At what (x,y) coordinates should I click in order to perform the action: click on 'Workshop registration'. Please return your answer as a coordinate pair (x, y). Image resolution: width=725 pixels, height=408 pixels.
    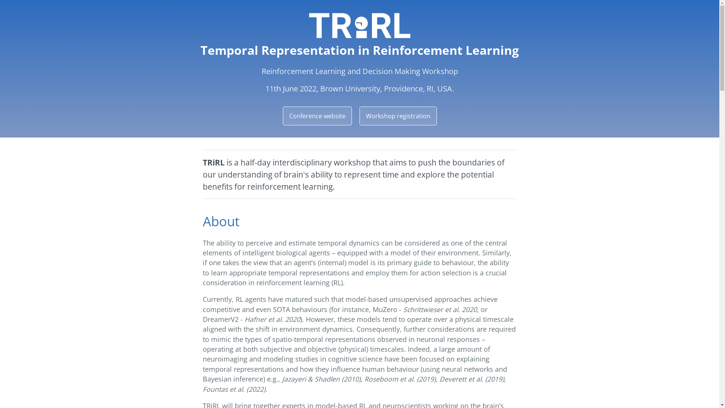
    Looking at the image, I should click on (398, 116).